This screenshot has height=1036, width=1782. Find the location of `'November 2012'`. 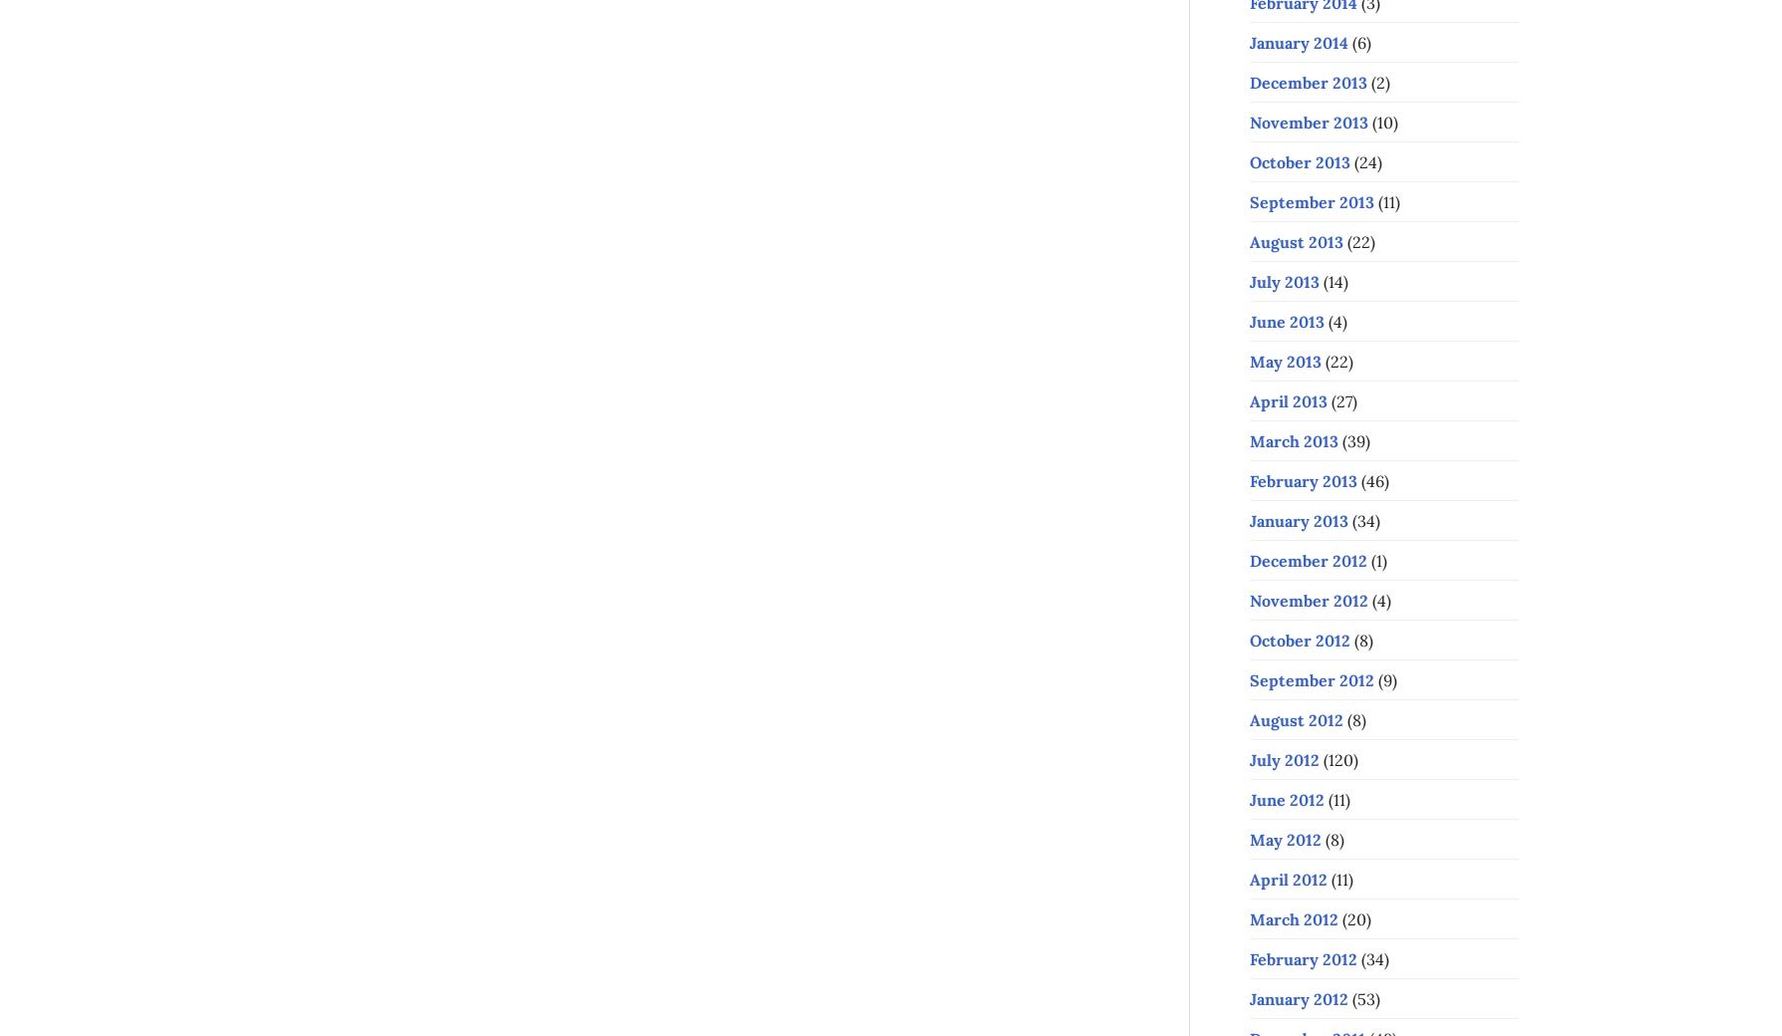

'November 2012' is located at coordinates (1308, 598).